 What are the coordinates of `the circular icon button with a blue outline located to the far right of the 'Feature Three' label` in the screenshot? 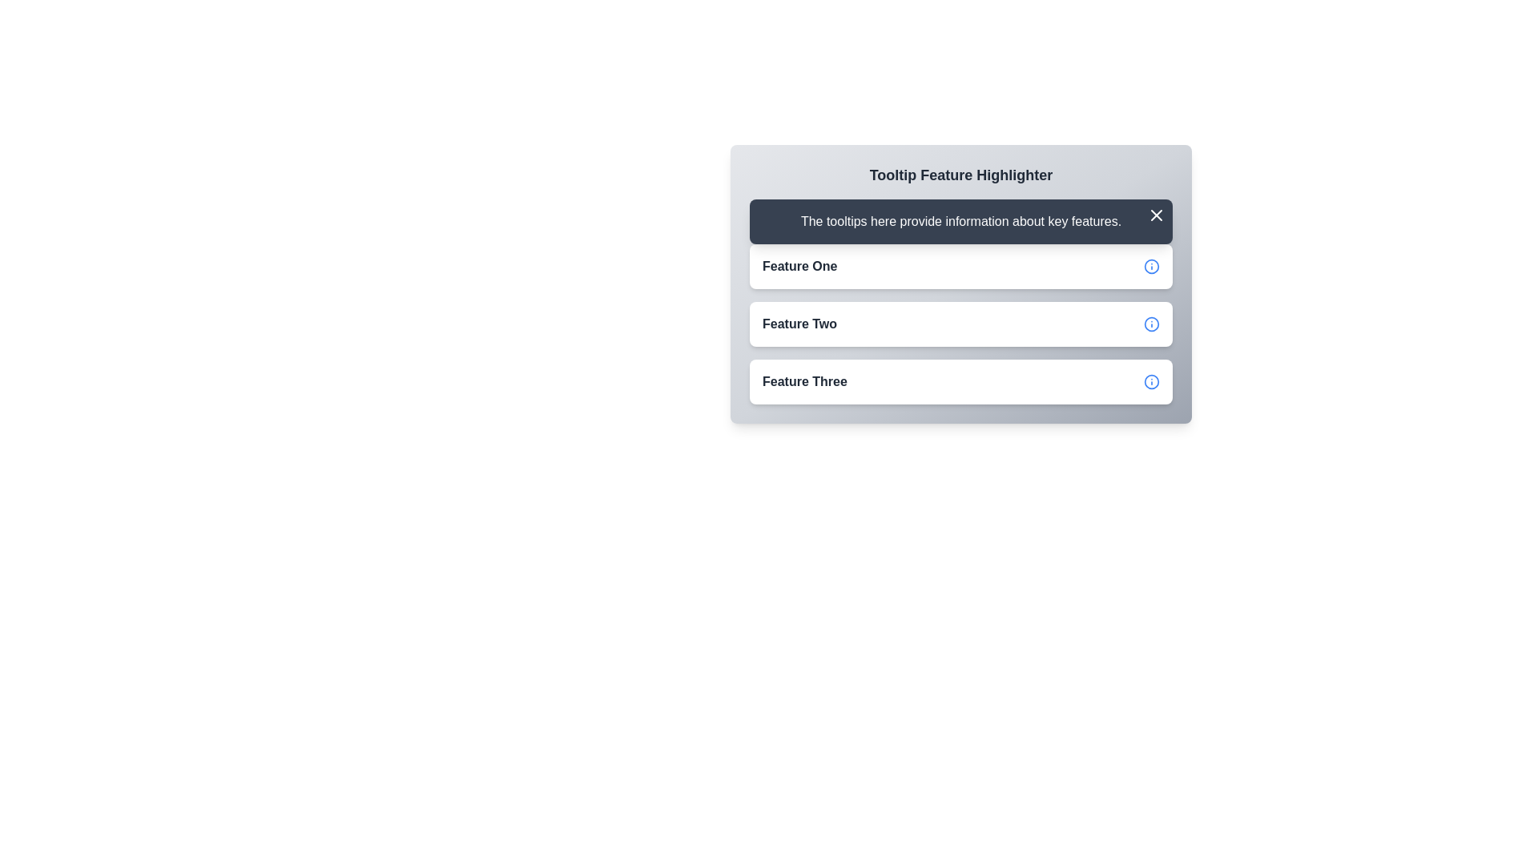 It's located at (1151, 382).